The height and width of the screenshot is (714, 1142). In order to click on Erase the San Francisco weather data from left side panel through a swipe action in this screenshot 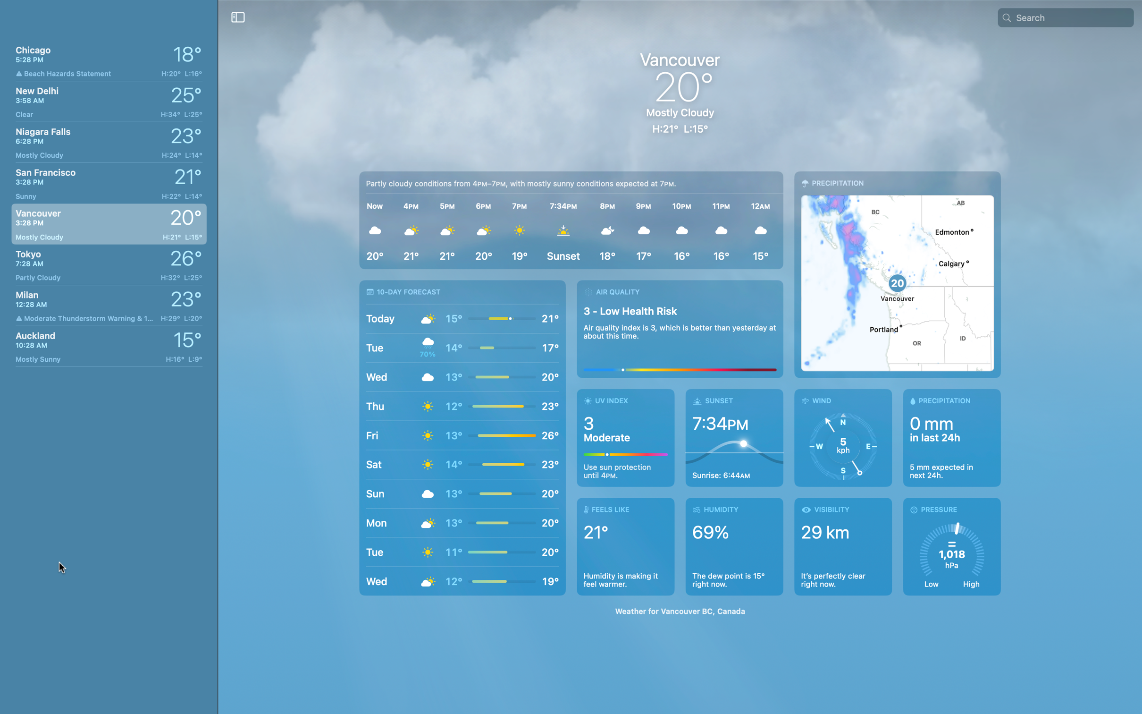, I will do `click(360872, 379134)`.